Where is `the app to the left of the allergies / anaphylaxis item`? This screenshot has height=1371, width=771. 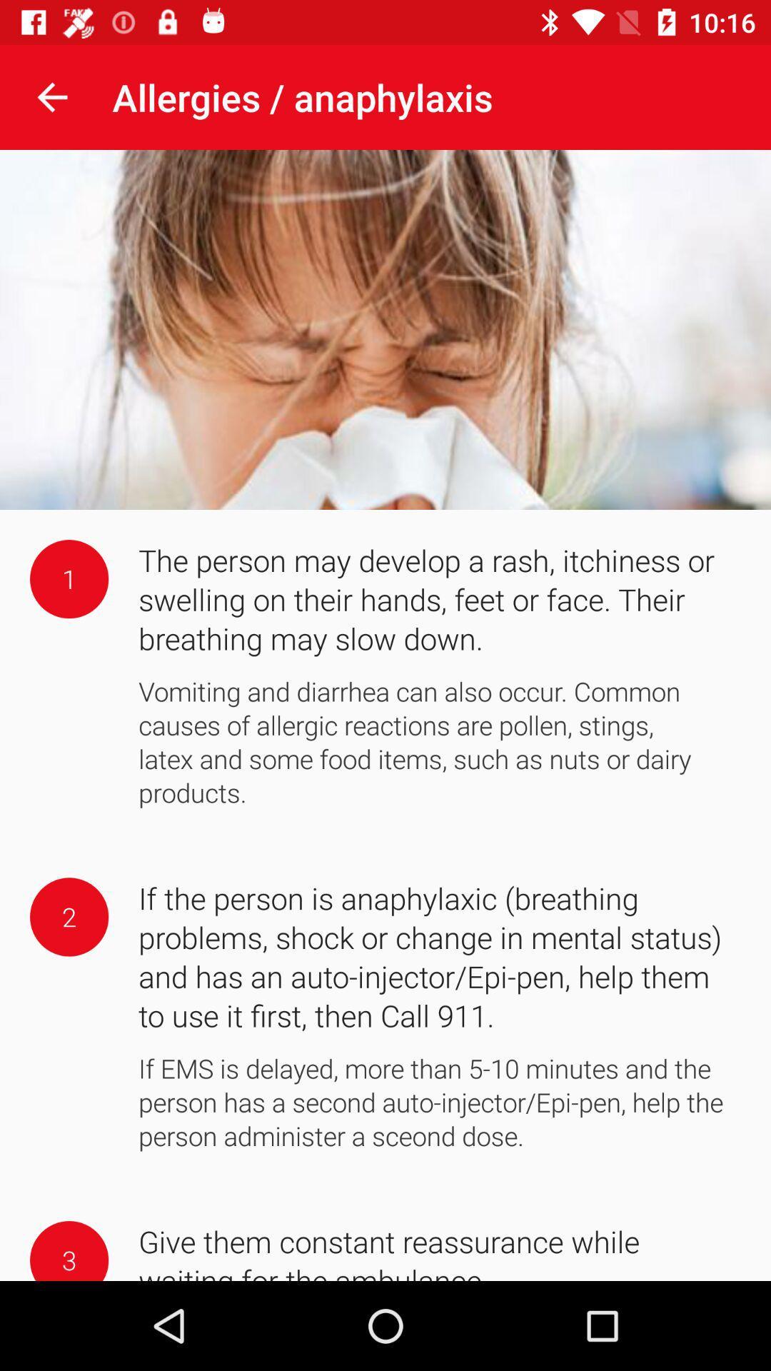 the app to the left of the allergies / anaphylaxis item is located at coordinates (51, 96).